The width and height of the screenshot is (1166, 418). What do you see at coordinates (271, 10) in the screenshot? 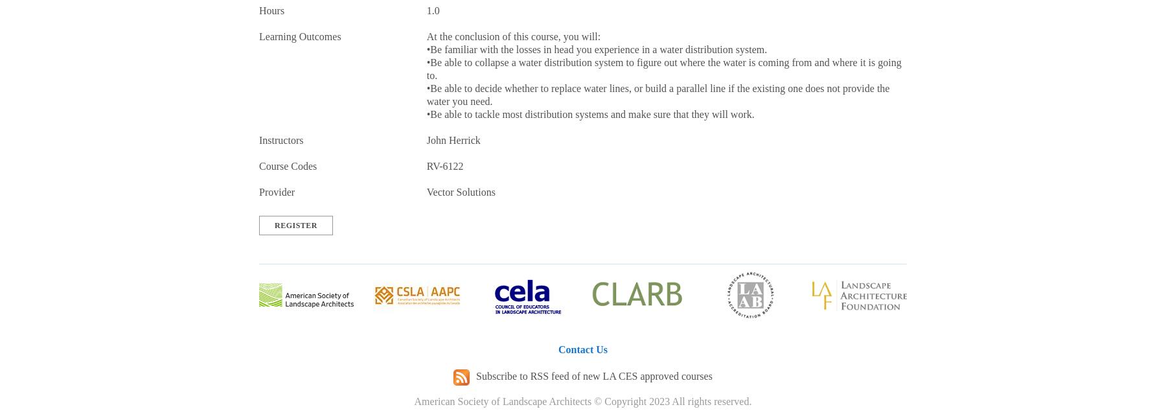
I see `'Hours'` at bounding box center [271, 10].